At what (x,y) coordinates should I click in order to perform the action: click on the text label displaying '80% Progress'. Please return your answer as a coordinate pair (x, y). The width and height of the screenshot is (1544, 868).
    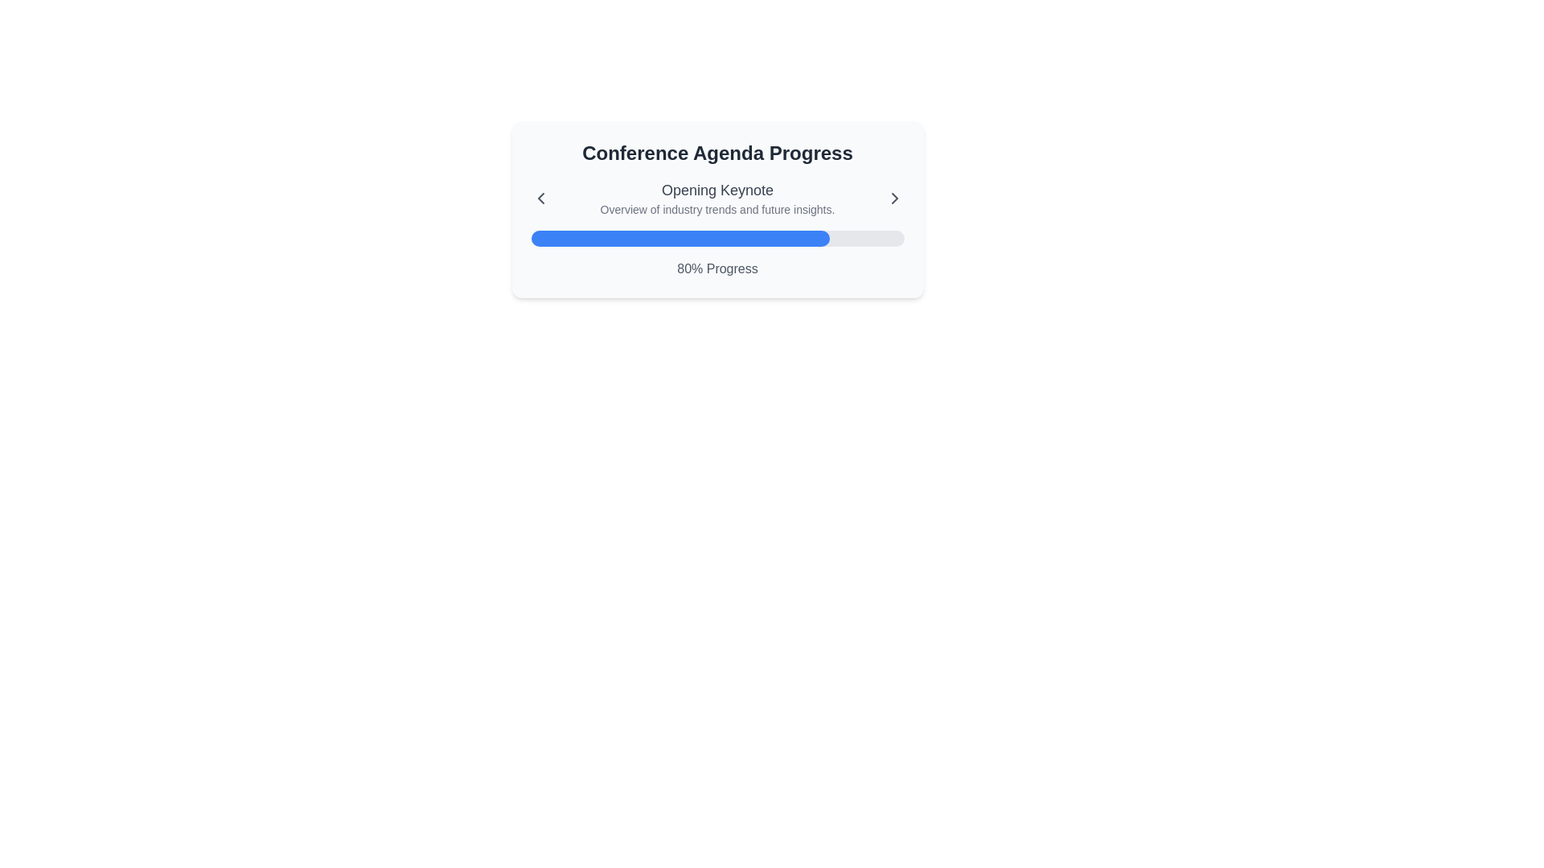
    Looking at the image, I should click on (717, 268).